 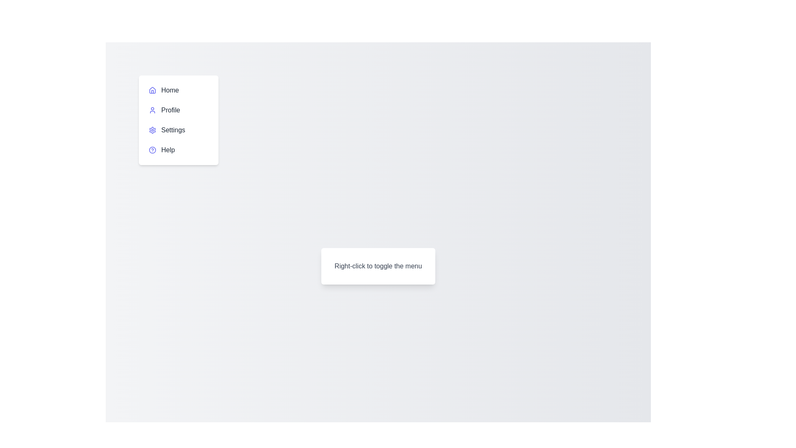 What do you see at coordinates (178, 90) in the screenshot?
I see `the menu item labeled Home` at bounding box center [178, 90].